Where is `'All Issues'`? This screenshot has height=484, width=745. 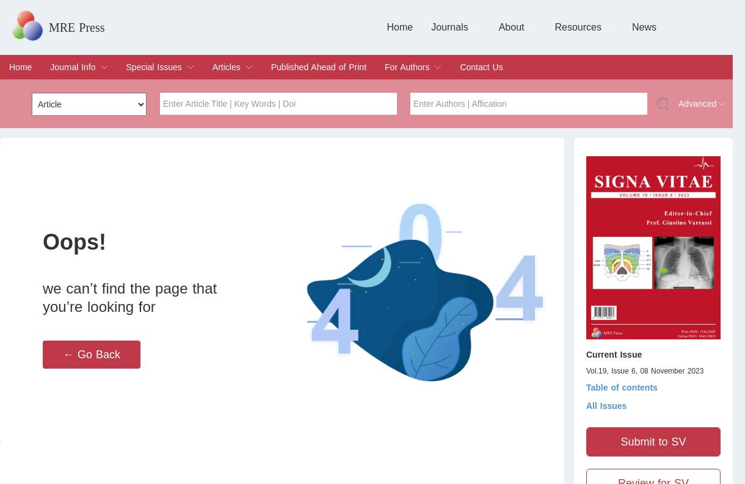
'All Issues' is located at coordinates (605, 406).